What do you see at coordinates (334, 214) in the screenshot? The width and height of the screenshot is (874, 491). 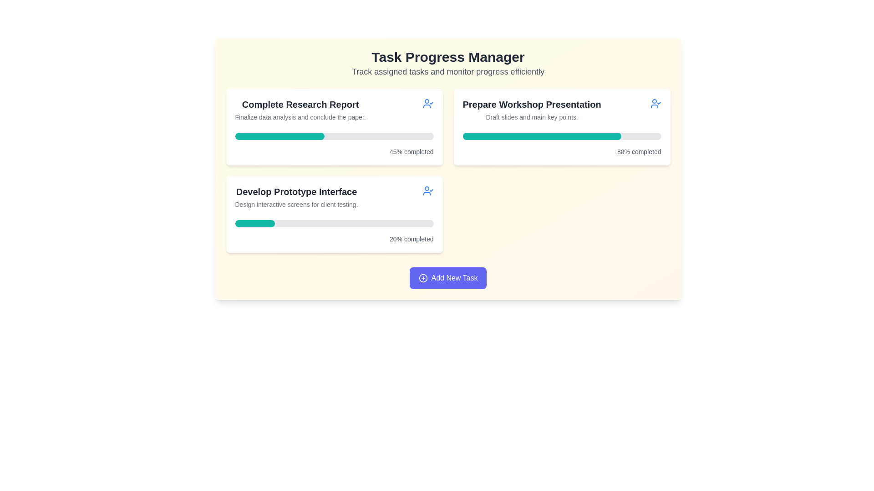 I see `progress value visually on the task card located in the bottom left corner of the interface, which displays project phase details and status` at bounding box center [334, 214].